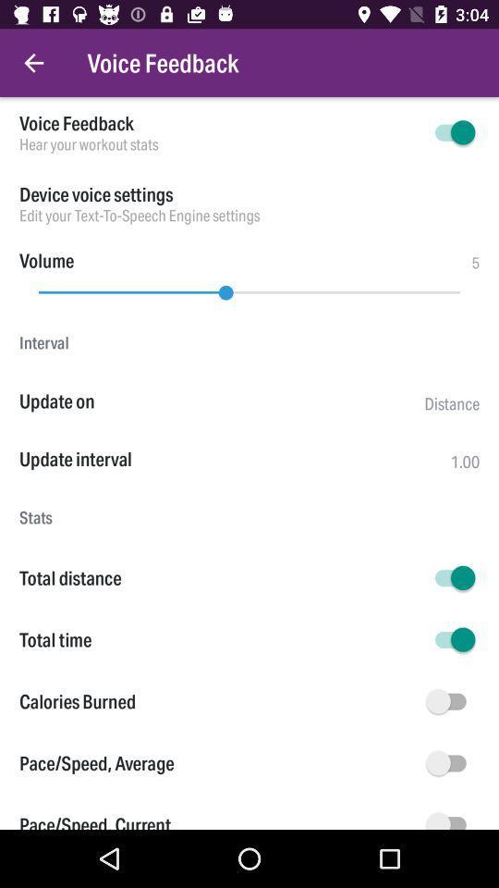 This screenshot has width=499, height=888. What do you see at coordinates (220, 143) in the screenshot?
I see `item above device voice settings` at bounding box center [220, 143].